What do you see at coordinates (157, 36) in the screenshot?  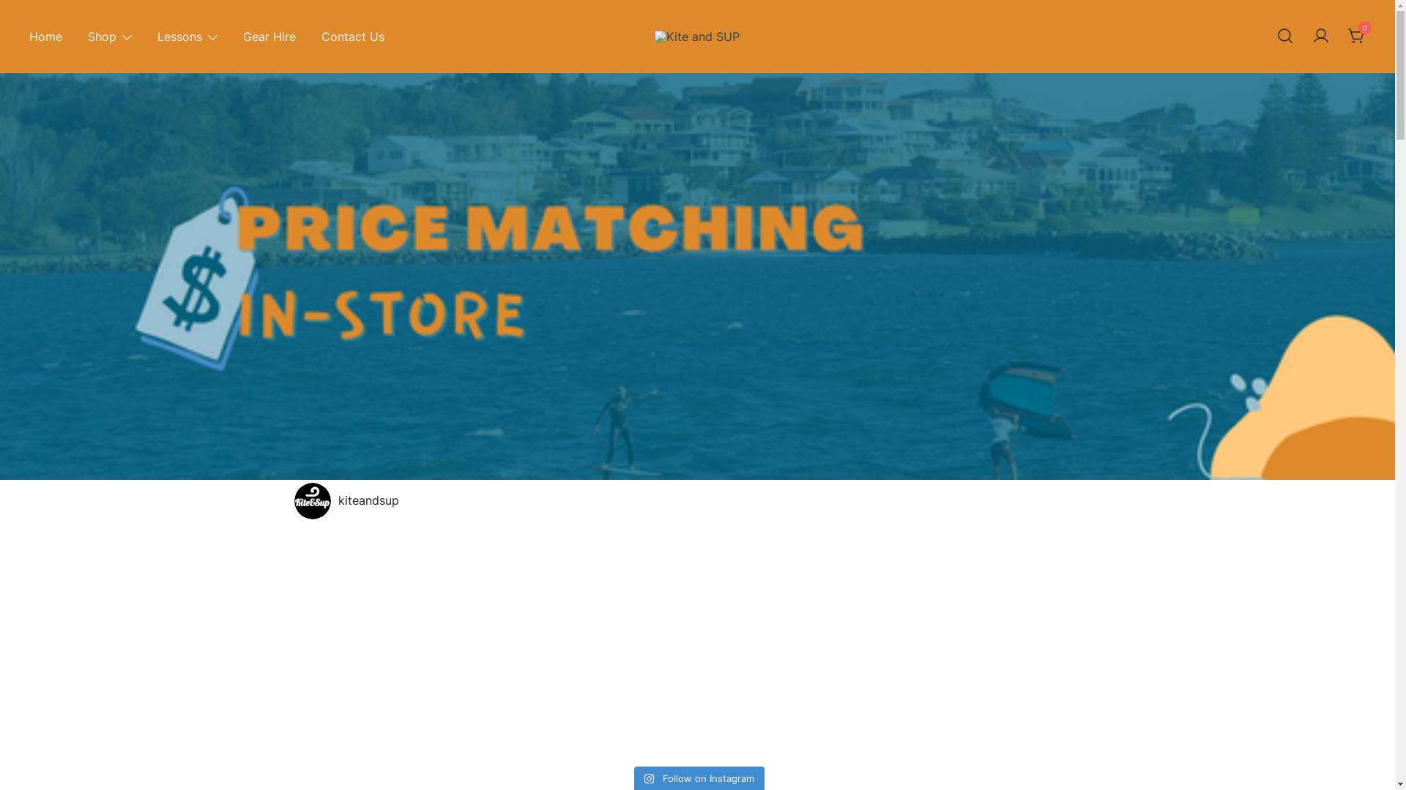 I see `'Lessons'` at bounding box center [157, 36].